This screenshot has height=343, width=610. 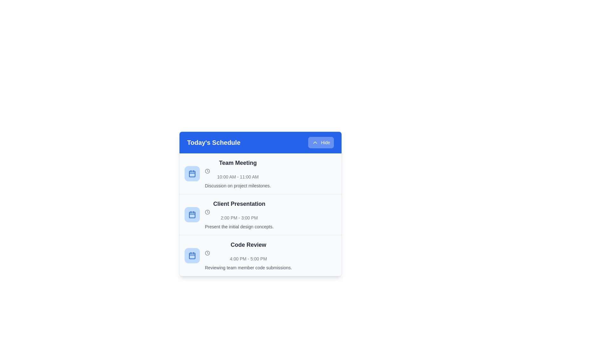 What do you see at coordinates (248, 268) in the screenshot?
I see `descriptive text block summarizing the 'Code Review' event, which is positioned below the time range text and aligned with the schedule content block` at bounding box center [248, 268].